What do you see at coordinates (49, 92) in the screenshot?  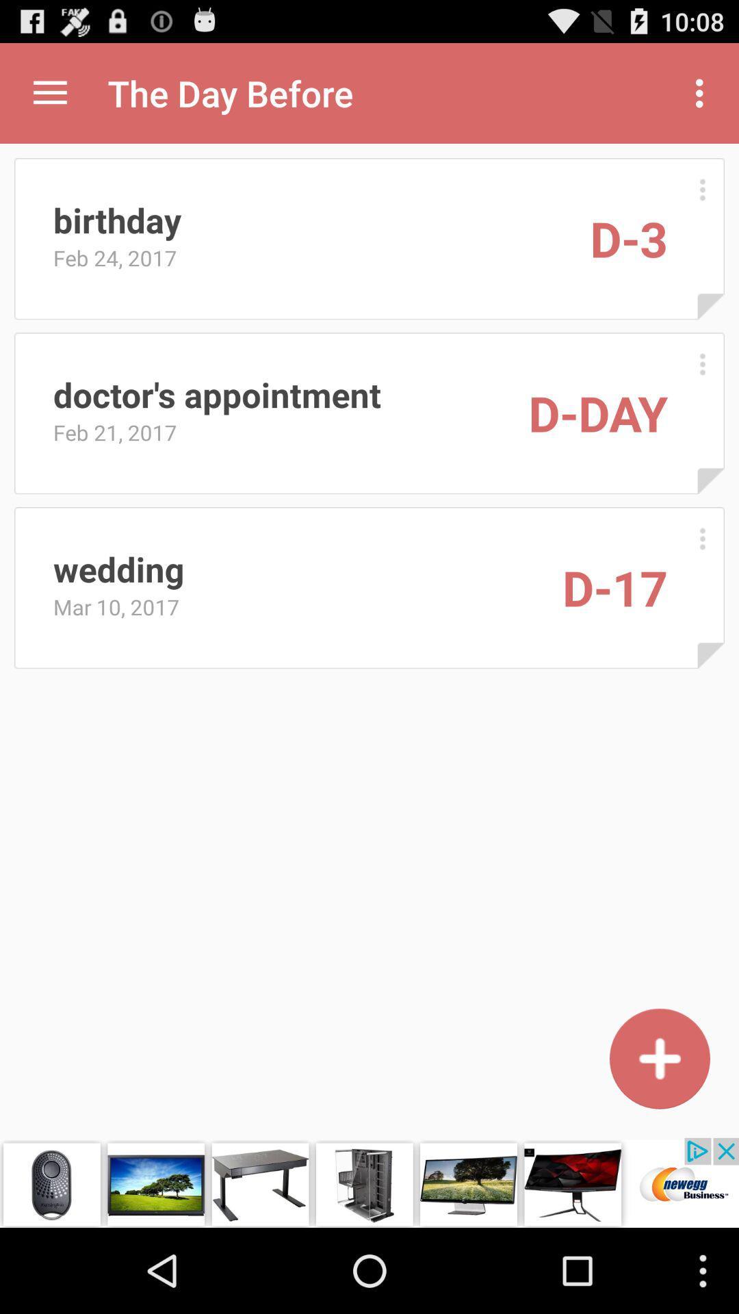 I see `expand menu` at bounding box center [49, 92].